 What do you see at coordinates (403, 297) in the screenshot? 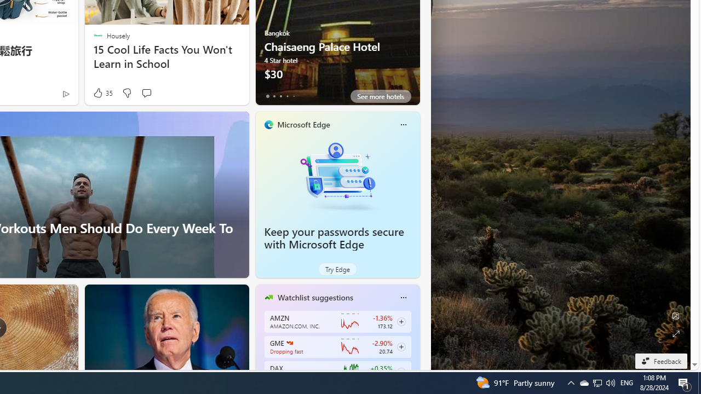
I see `'Class: icon-img'` at bounding box center [403, 297].